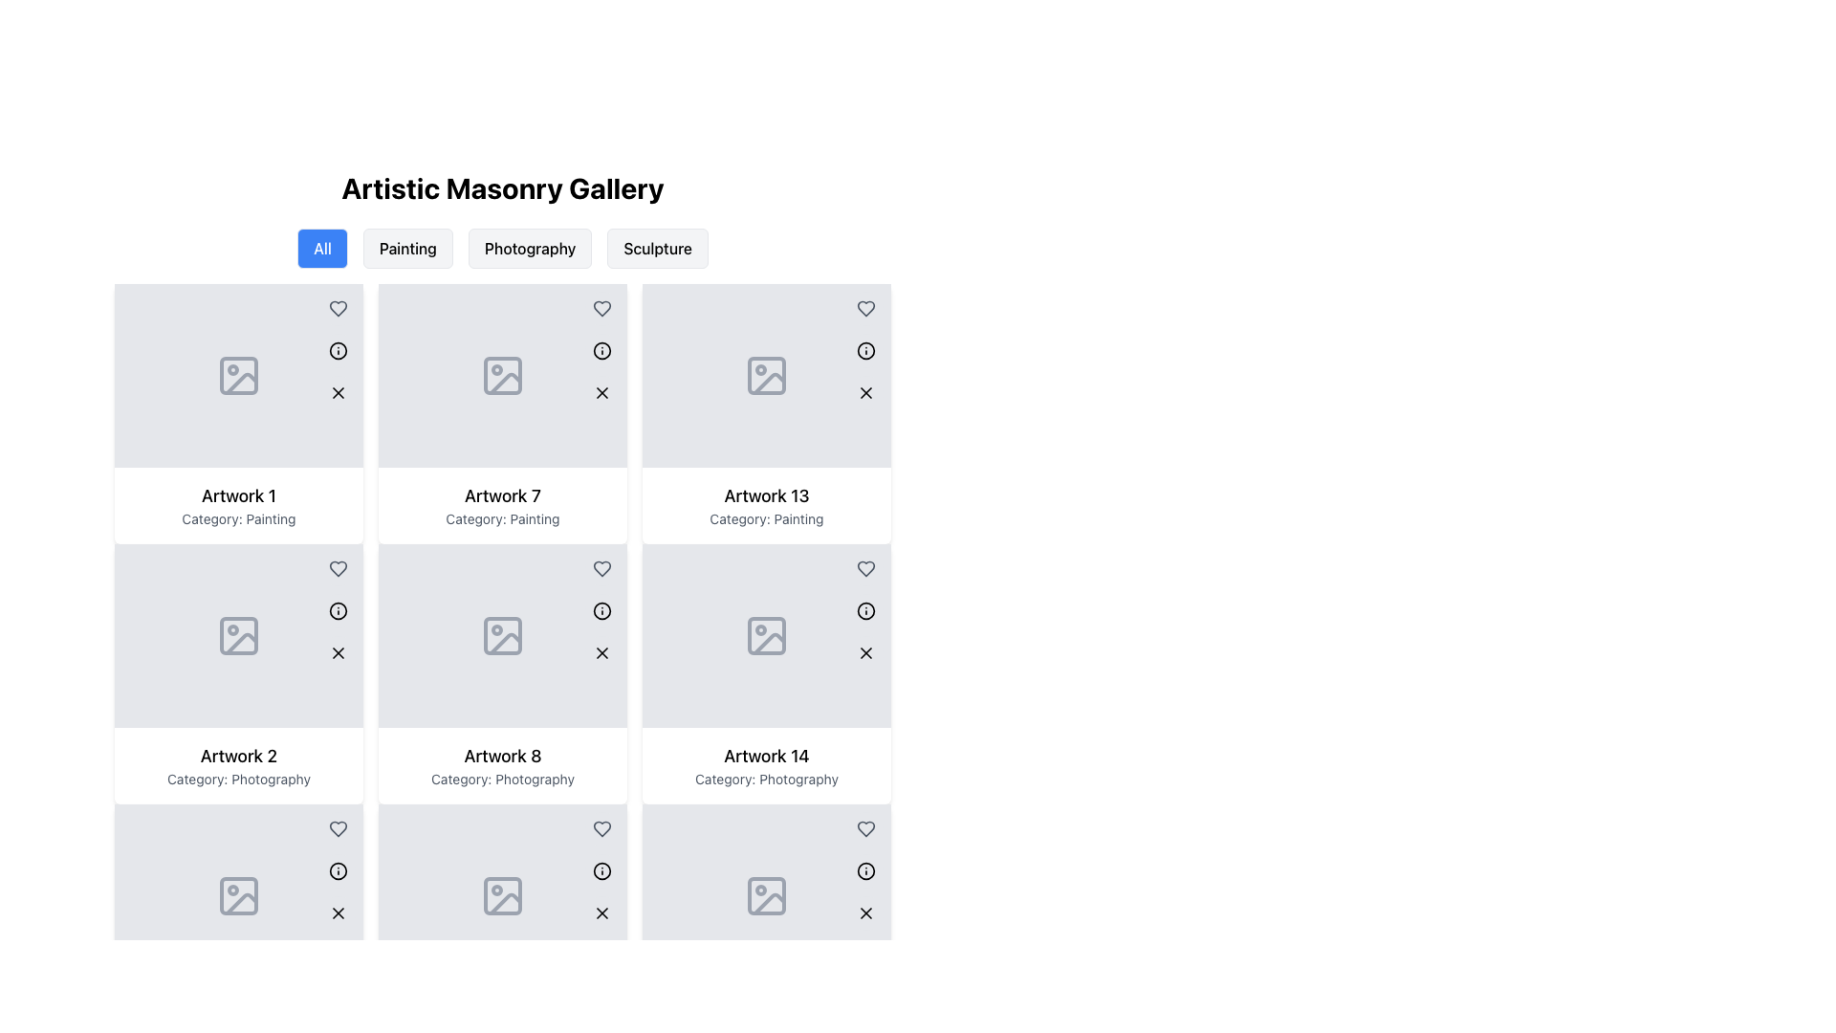  Describe the element at coordinates (339, 870) in the screenshot. I see `the informational button located in the 'Artwork 2' card, positioned below the heart icon and to the right of the image thumbnail` at that location.